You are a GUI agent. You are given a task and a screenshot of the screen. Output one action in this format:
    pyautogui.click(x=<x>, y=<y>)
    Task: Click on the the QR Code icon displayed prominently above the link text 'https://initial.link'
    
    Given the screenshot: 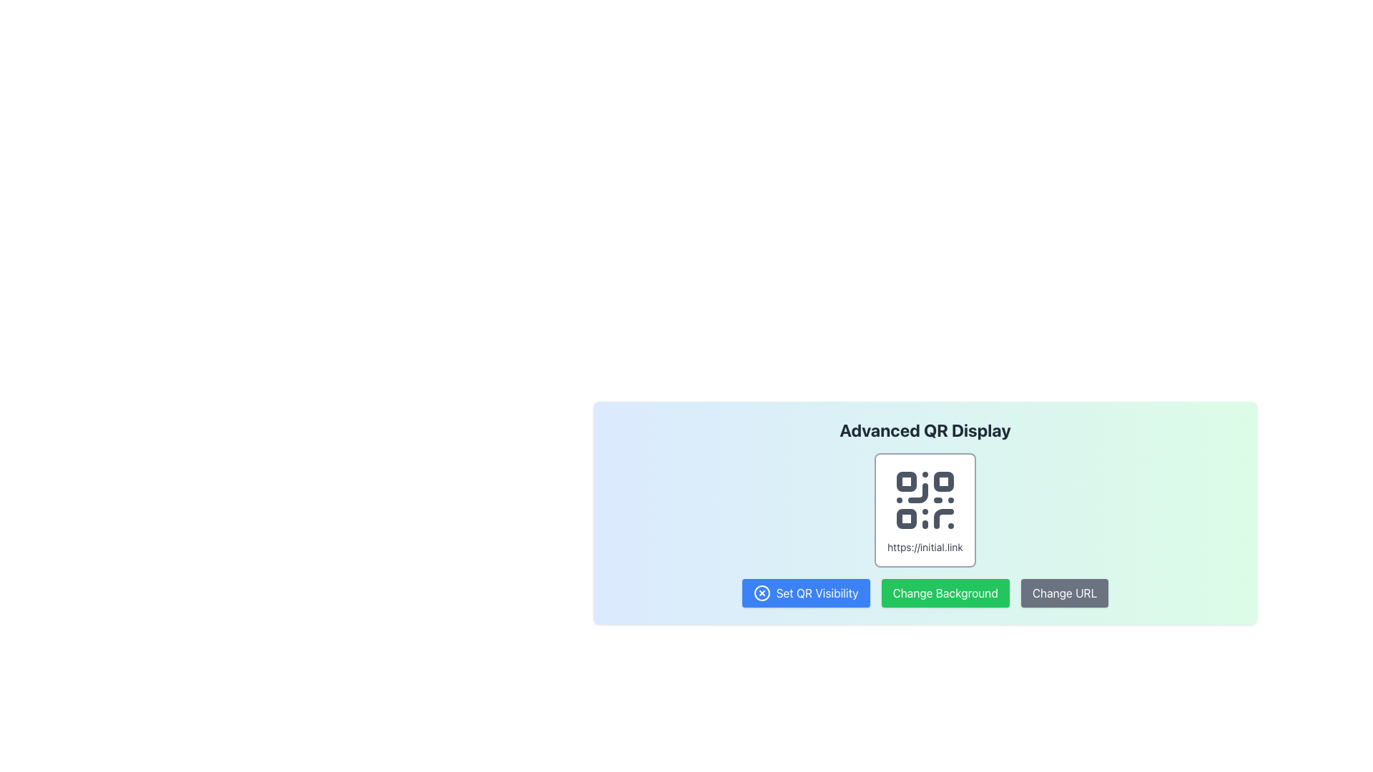 What is the action you would take?
    pyautogui.click(x=925, y=499)
    